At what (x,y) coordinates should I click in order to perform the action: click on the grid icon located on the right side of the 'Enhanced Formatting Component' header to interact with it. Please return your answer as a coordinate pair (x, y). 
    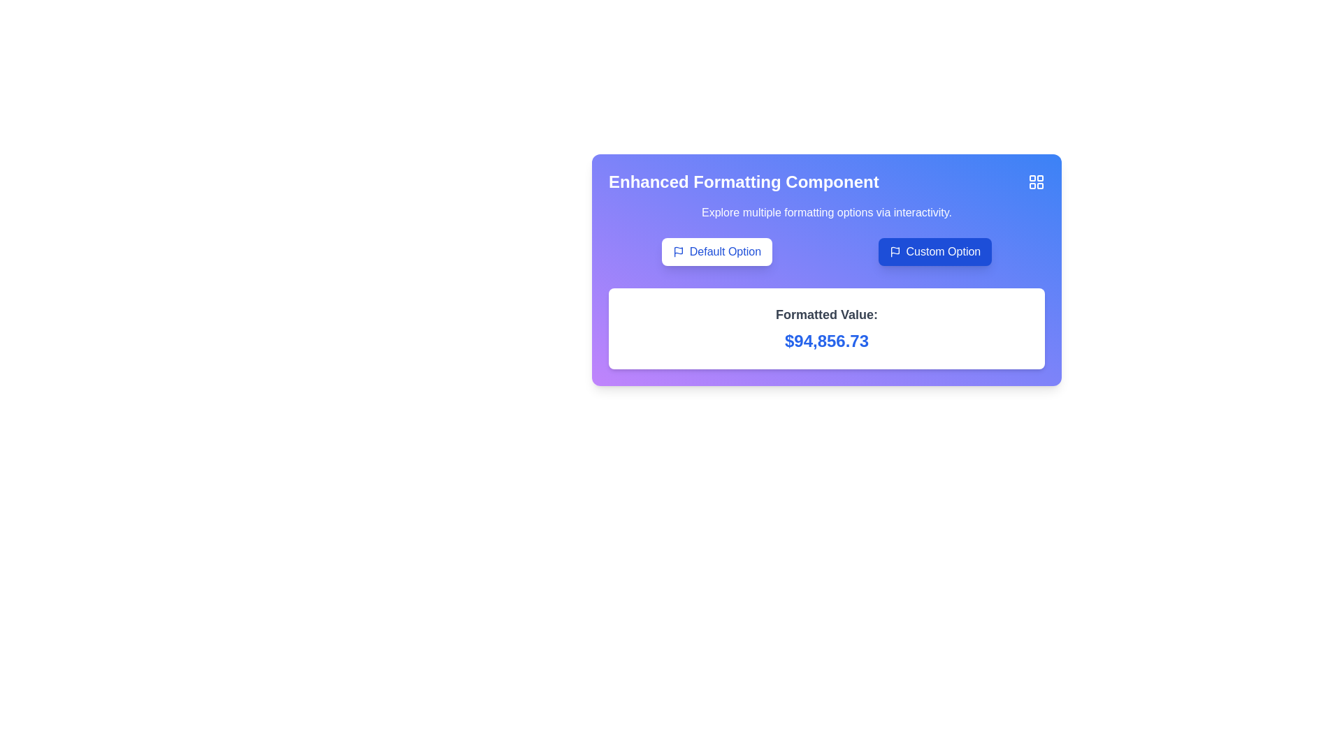
    Looking at the image, I should click on (826, 182).